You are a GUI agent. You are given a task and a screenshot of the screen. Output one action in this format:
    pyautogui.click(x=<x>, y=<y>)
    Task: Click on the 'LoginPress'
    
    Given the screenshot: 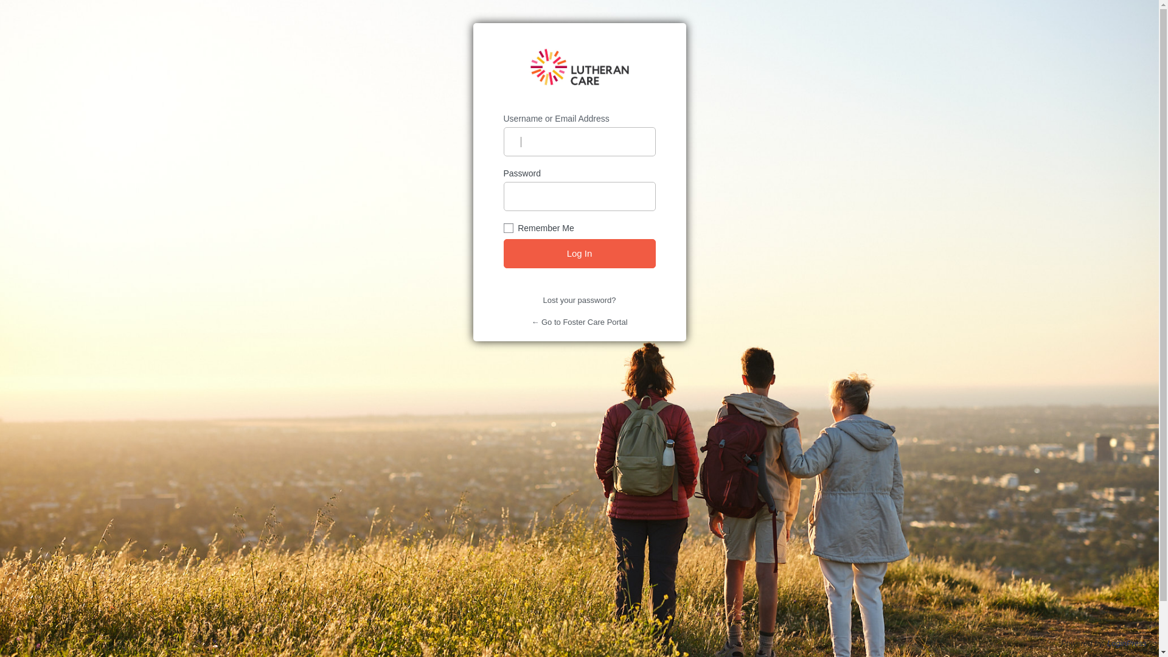 What is the action you would take?
    pyautogui.click(x=1107, y=642)
    